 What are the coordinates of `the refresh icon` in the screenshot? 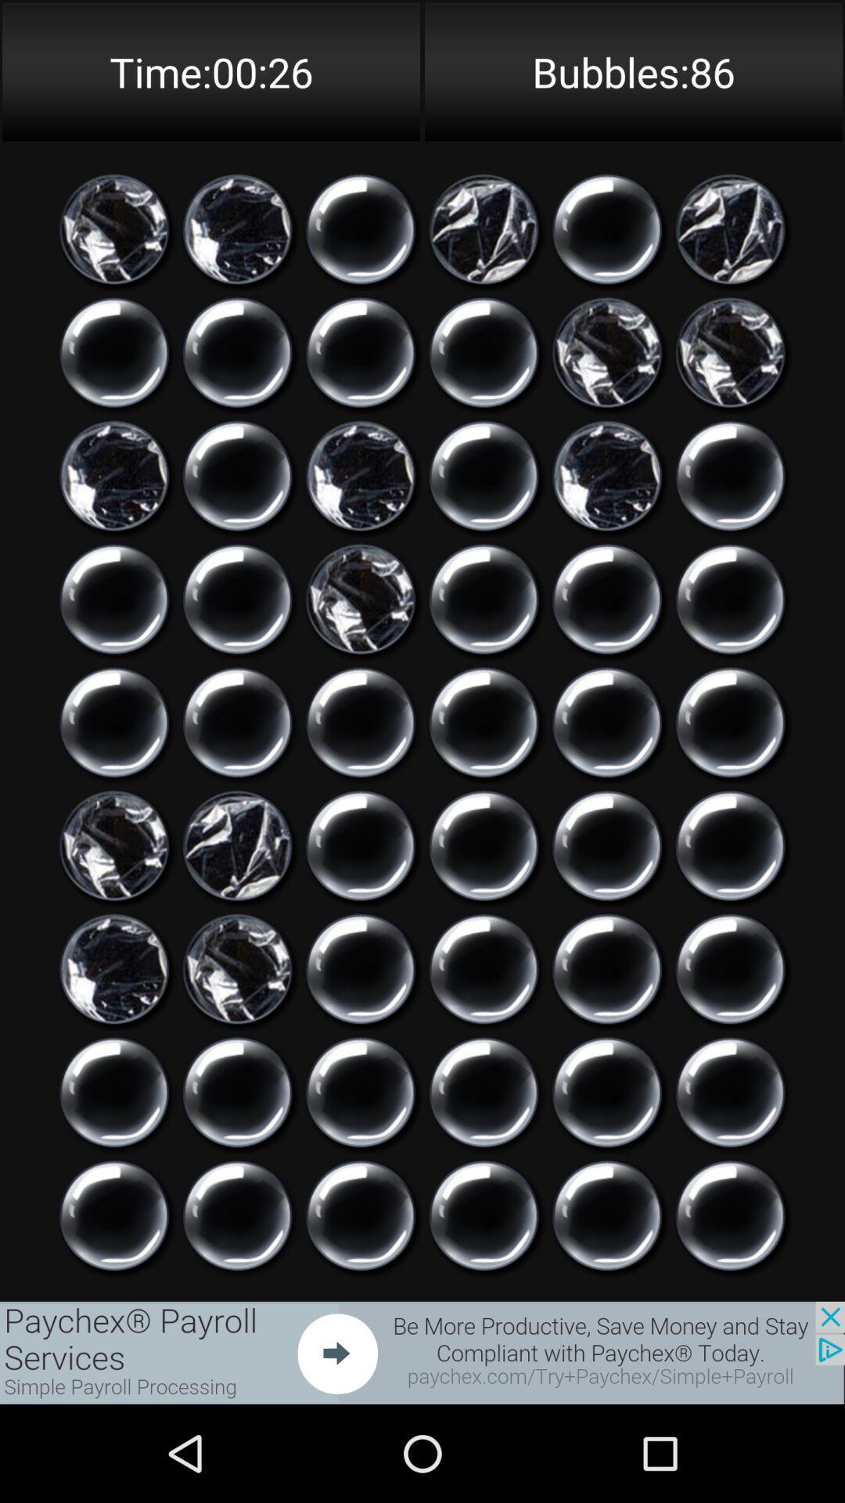 It's located at (361, 1301).